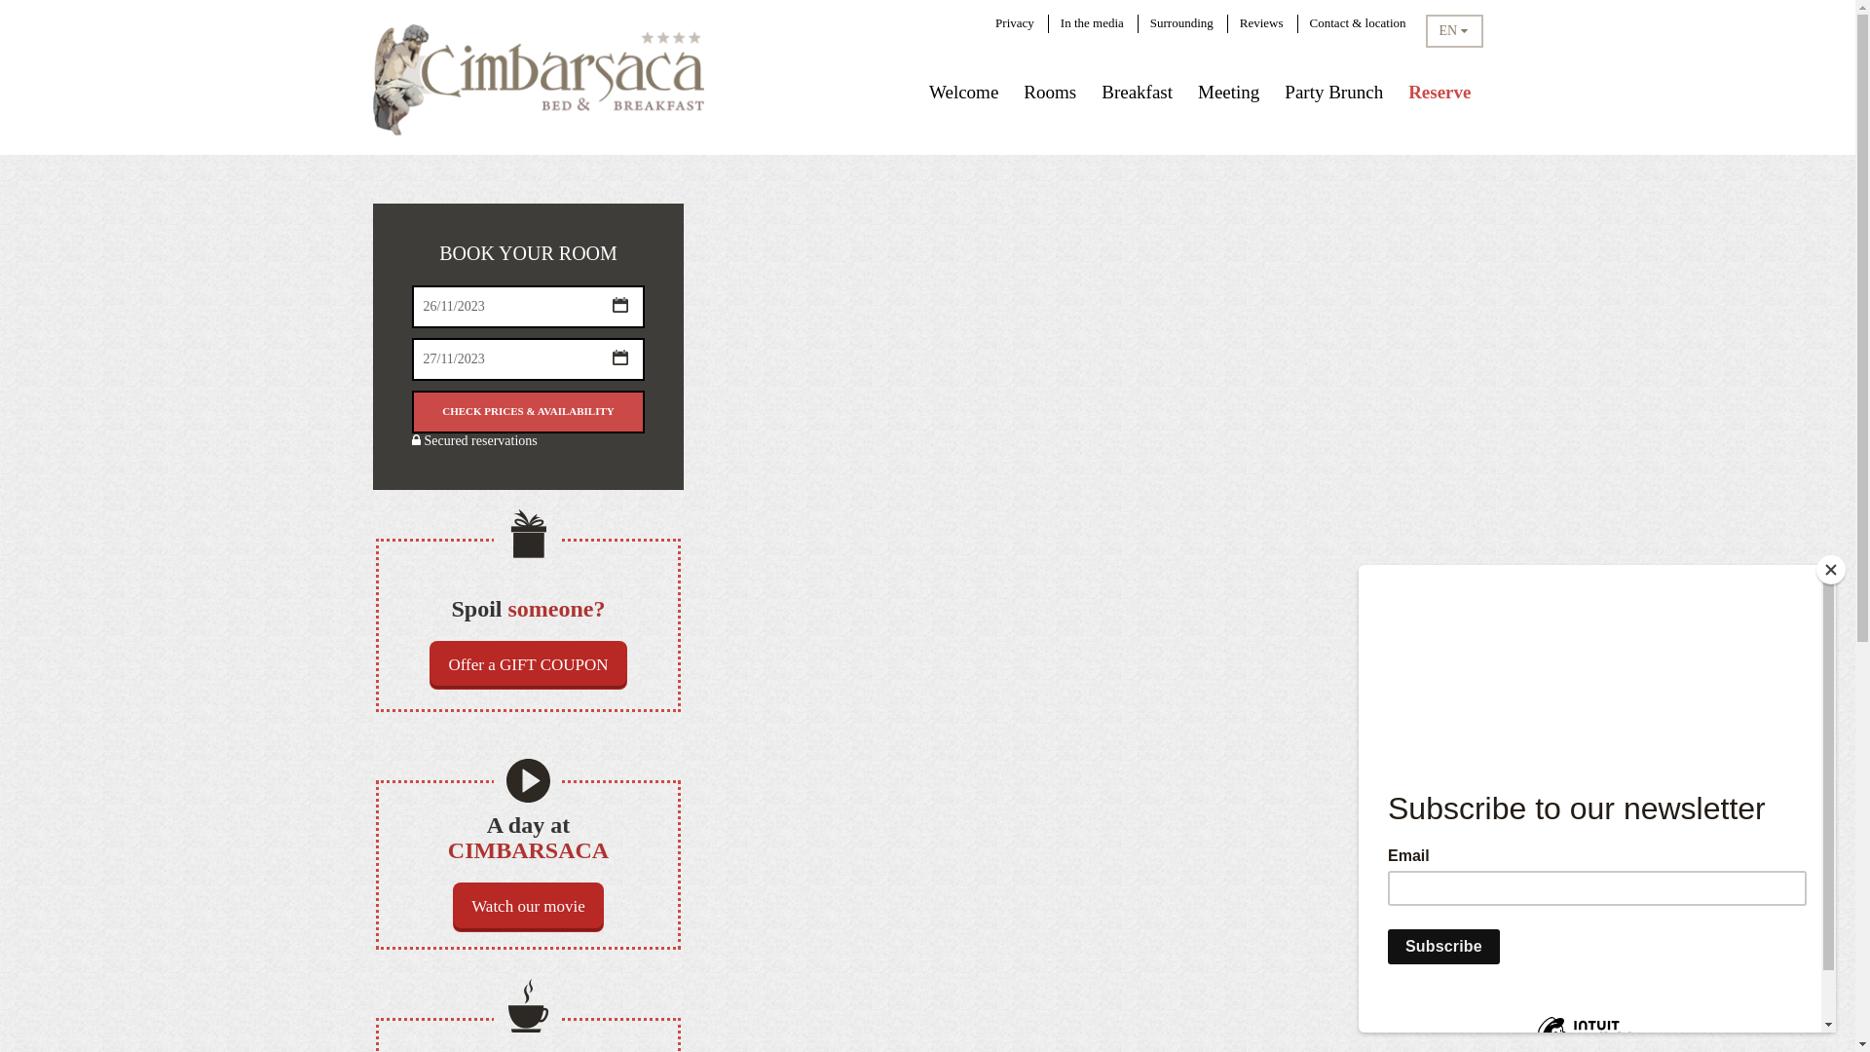  Describe the element at coordinates (473, 440) in the screenshot. I see `'Secured reservations'` at that location.